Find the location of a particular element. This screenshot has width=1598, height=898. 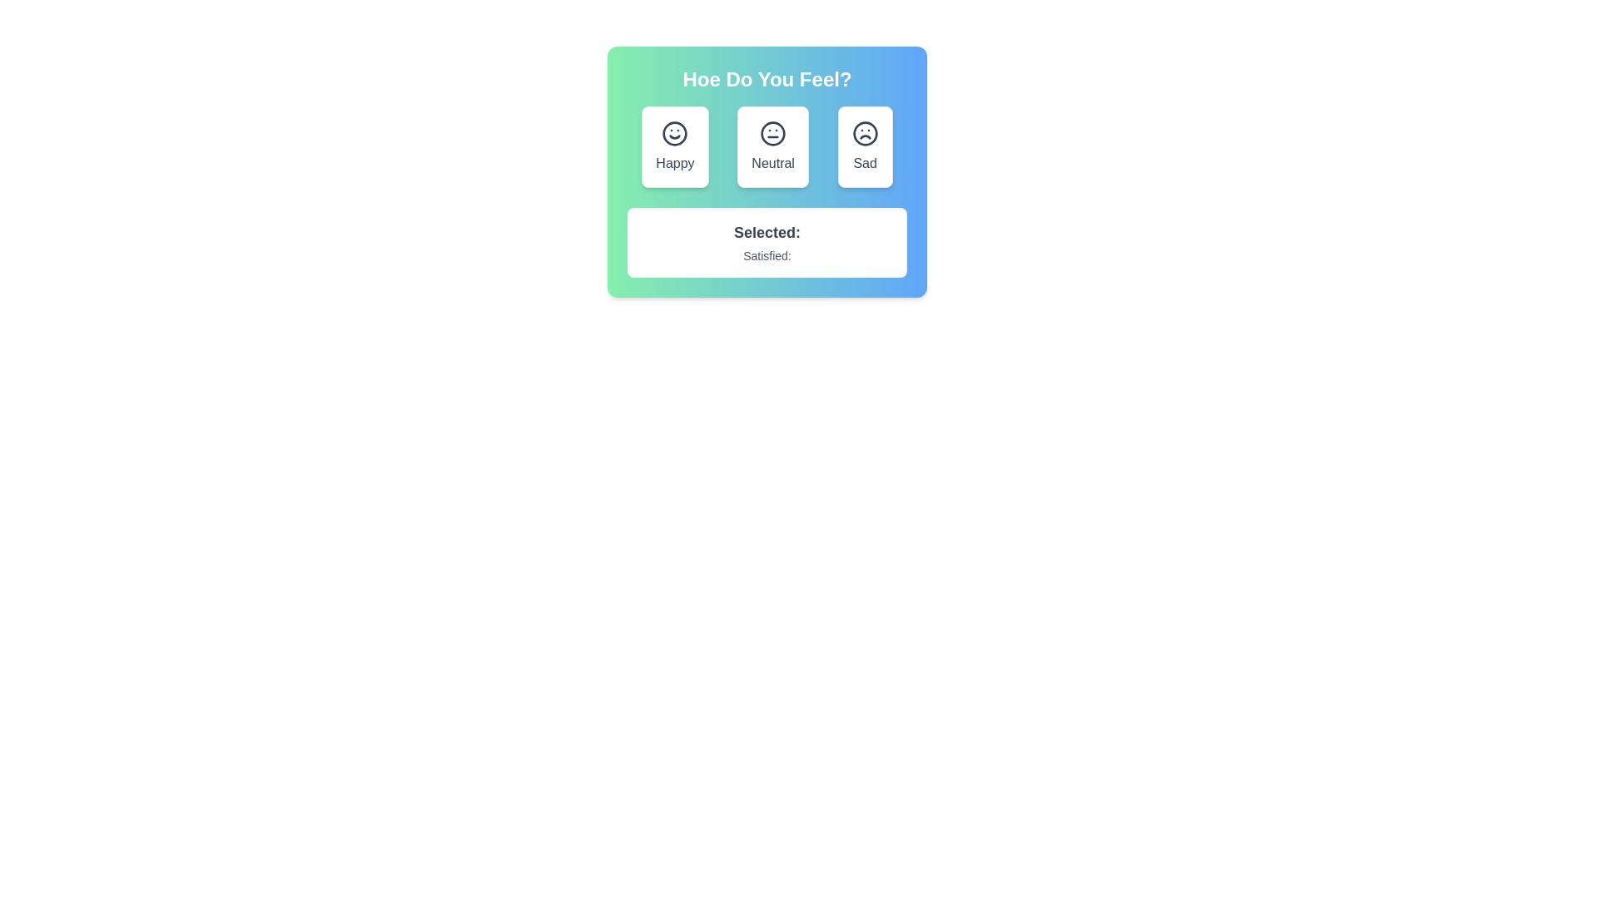

the Neutral button to select the corresponding emotion is located at coordinates (772, 146).